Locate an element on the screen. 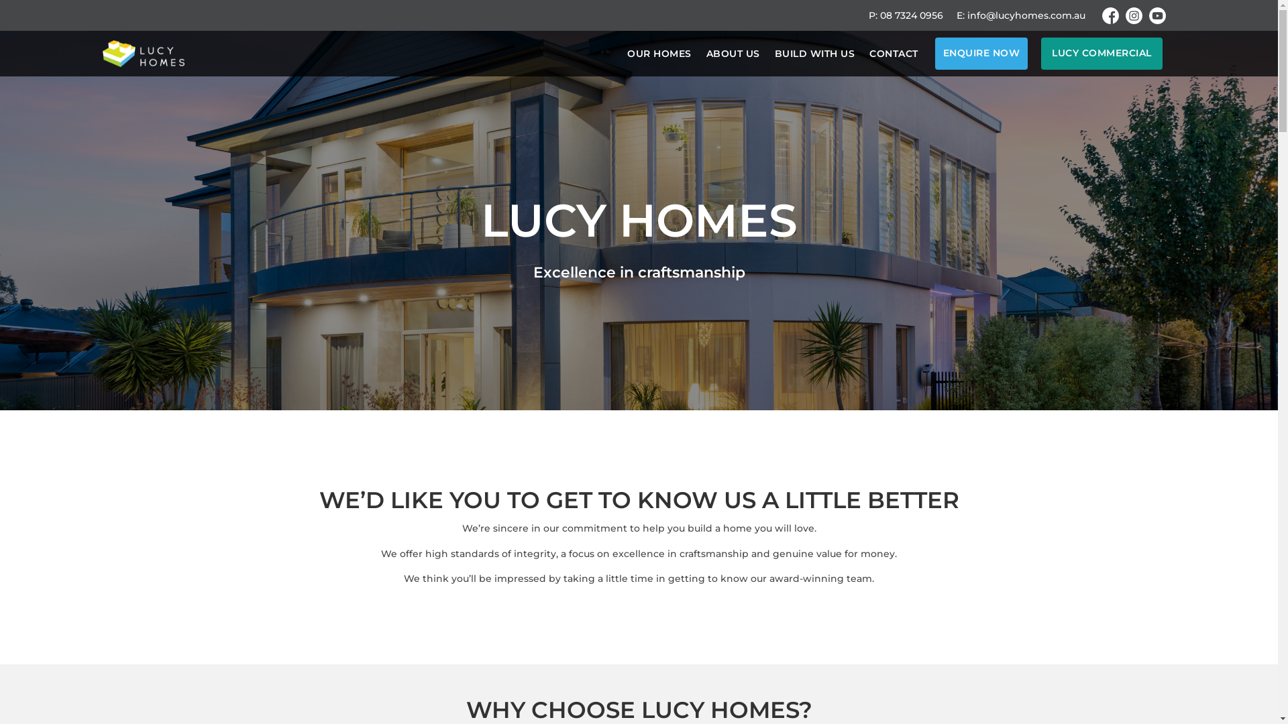 The height and width of the screenshot is (724, 1288). 'OUR HOMES' is located at coordinates (627, 53).